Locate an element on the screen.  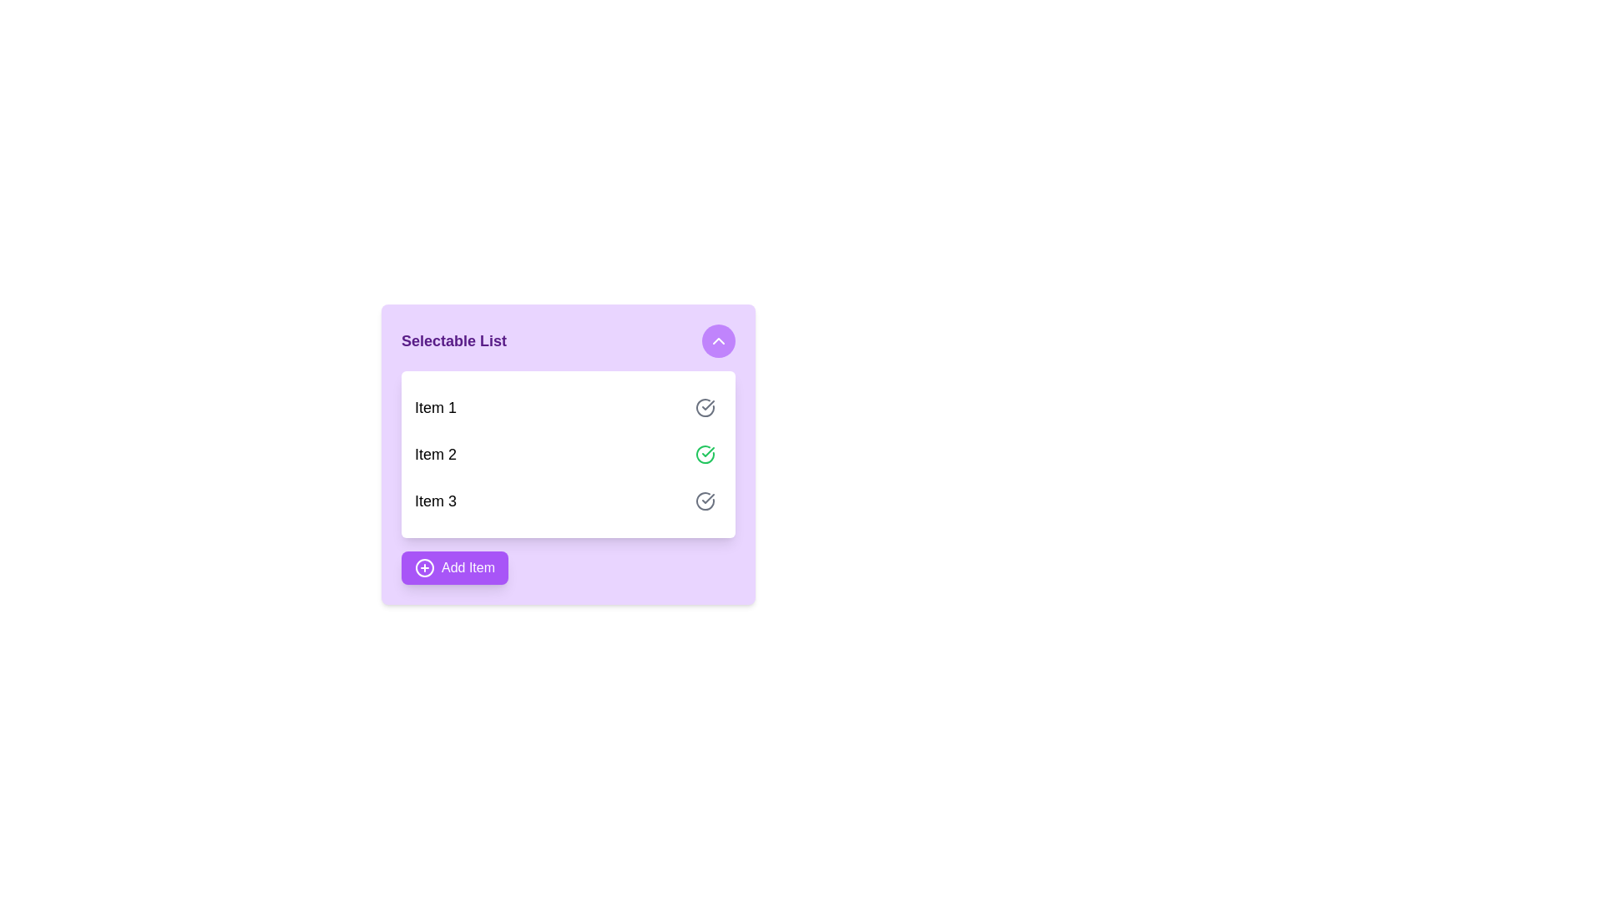
icon indicating the completed or active state of the list item, positioned to the right of 'Item 2', using developer tools is located at coordinates (705, 408).